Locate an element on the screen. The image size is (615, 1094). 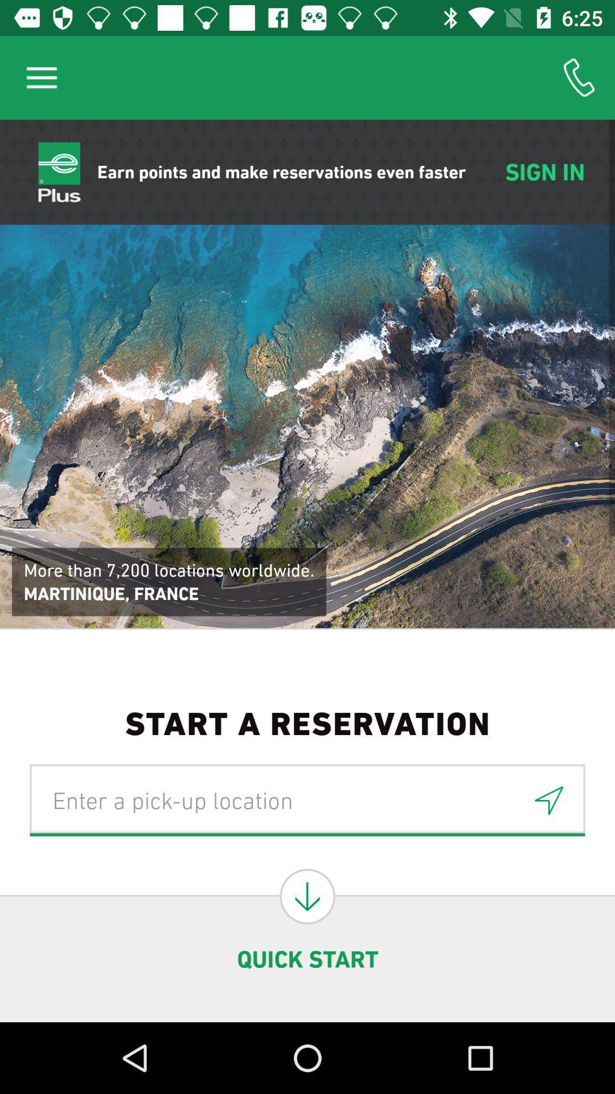
the quick start icon is located at coordinates (307, 958).